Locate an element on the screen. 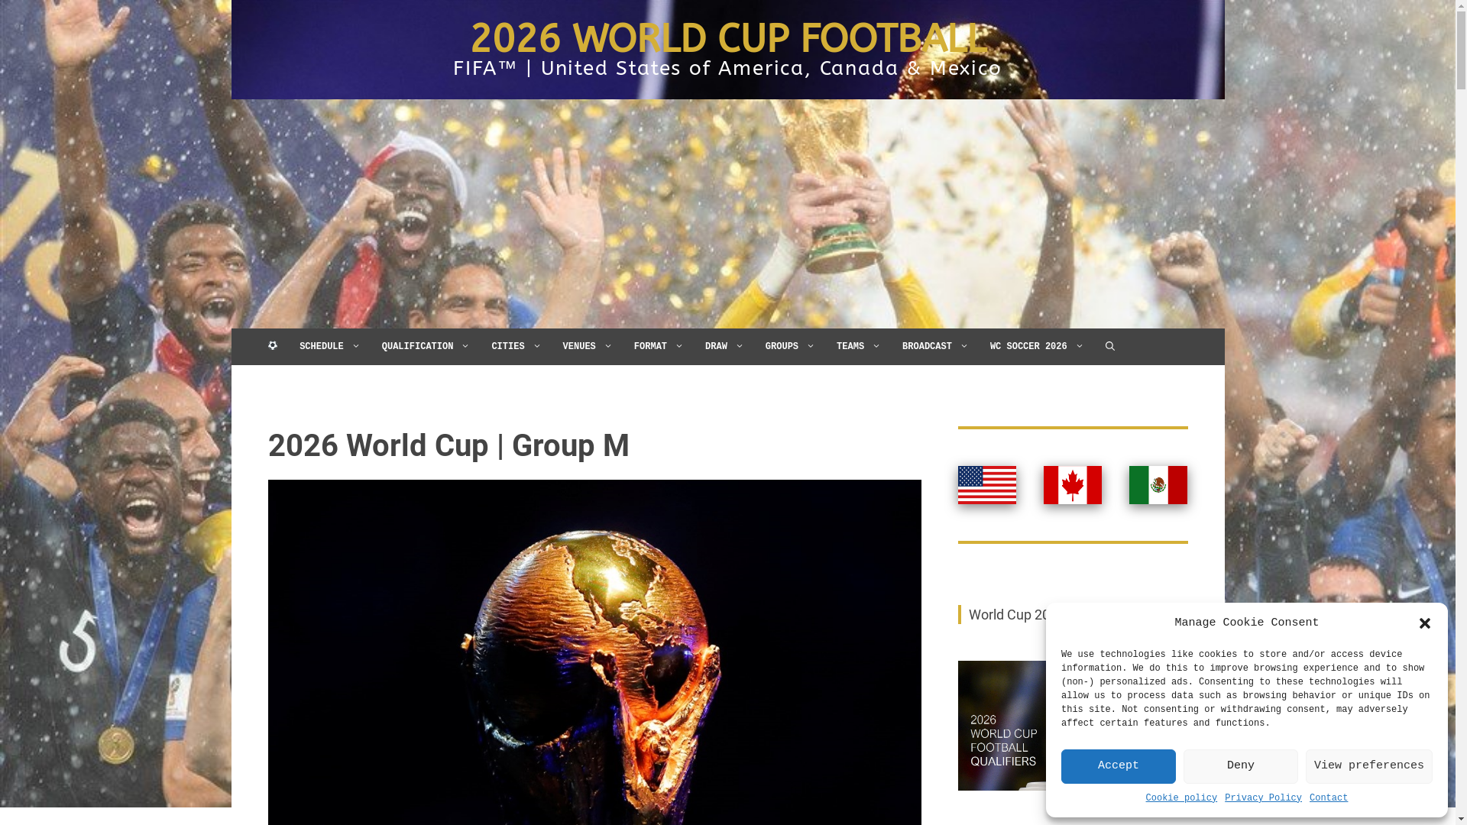 The width and height of the screenshot is (1467, 825). '2026 World Cup Football Qualification' is located at coordinates (1072, 724).